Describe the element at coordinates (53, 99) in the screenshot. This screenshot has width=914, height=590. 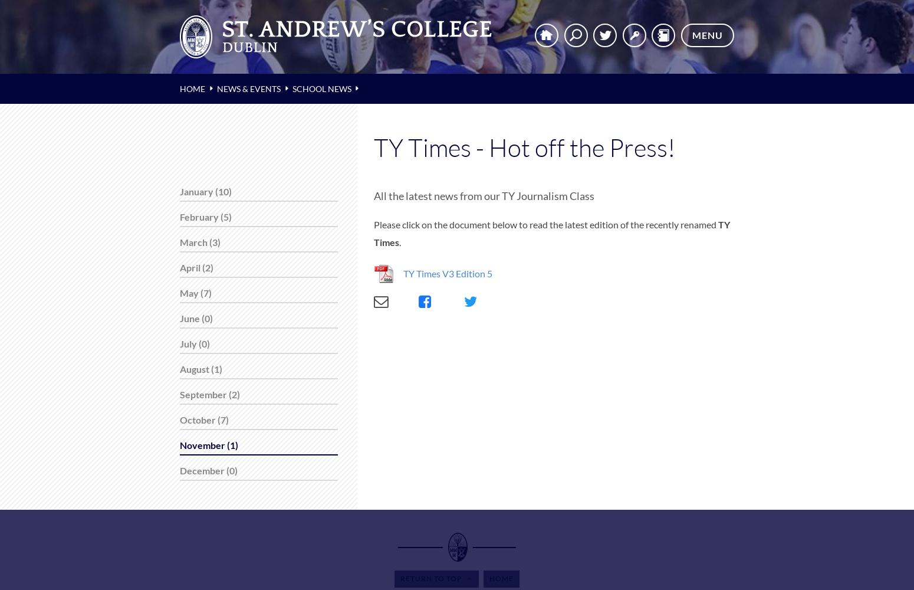
I see `'Latest News'` at that location.